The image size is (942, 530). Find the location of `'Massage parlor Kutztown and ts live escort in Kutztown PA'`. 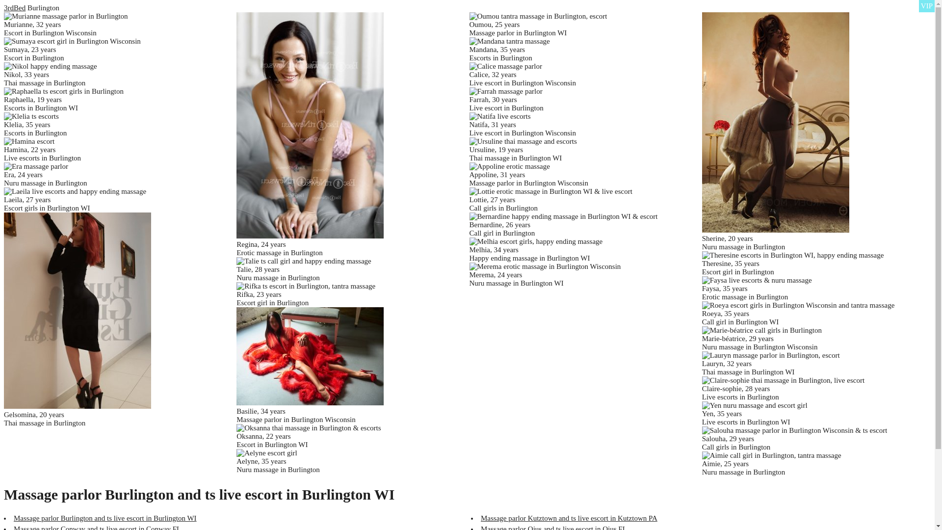

'Massage parlor Kutztown and ts live escort in Kutztown PA' is located at coordinates (569, 518).